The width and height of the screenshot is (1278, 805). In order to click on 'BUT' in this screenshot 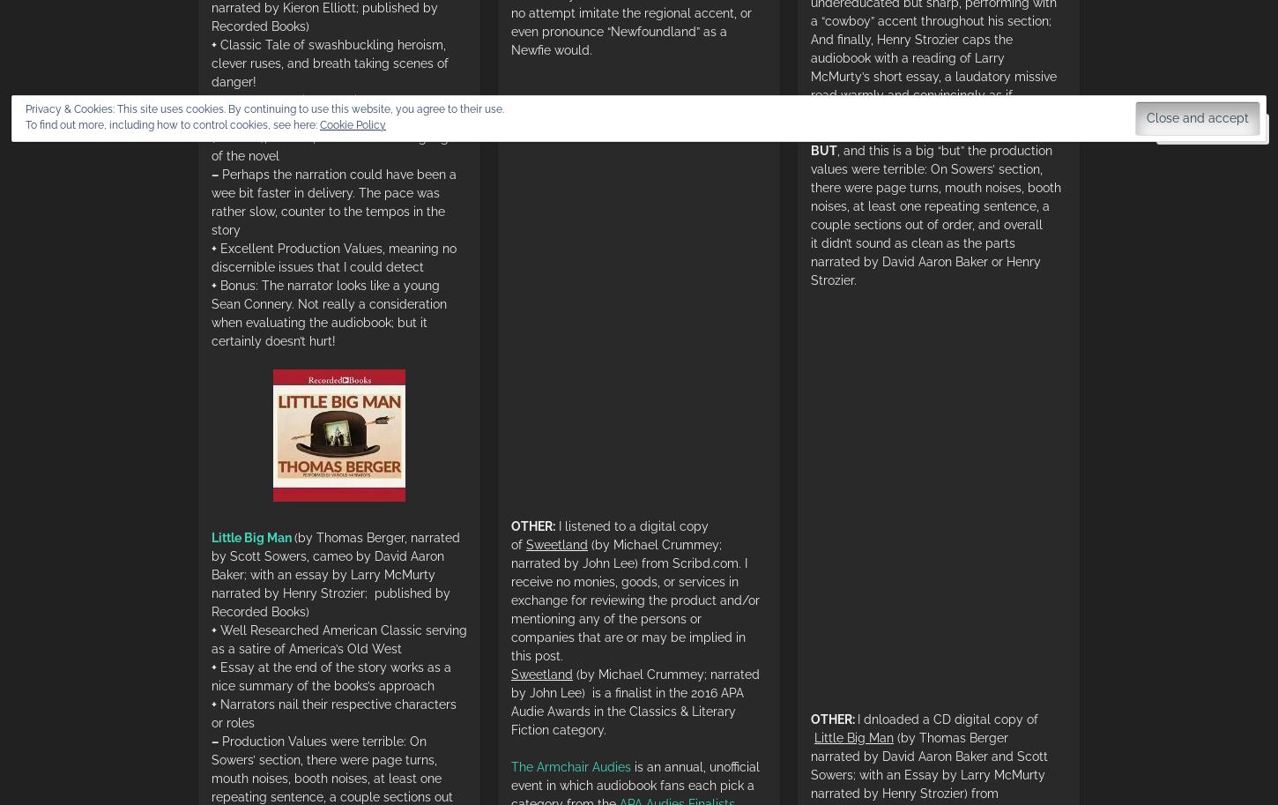, I will do `click(822, 150)`.